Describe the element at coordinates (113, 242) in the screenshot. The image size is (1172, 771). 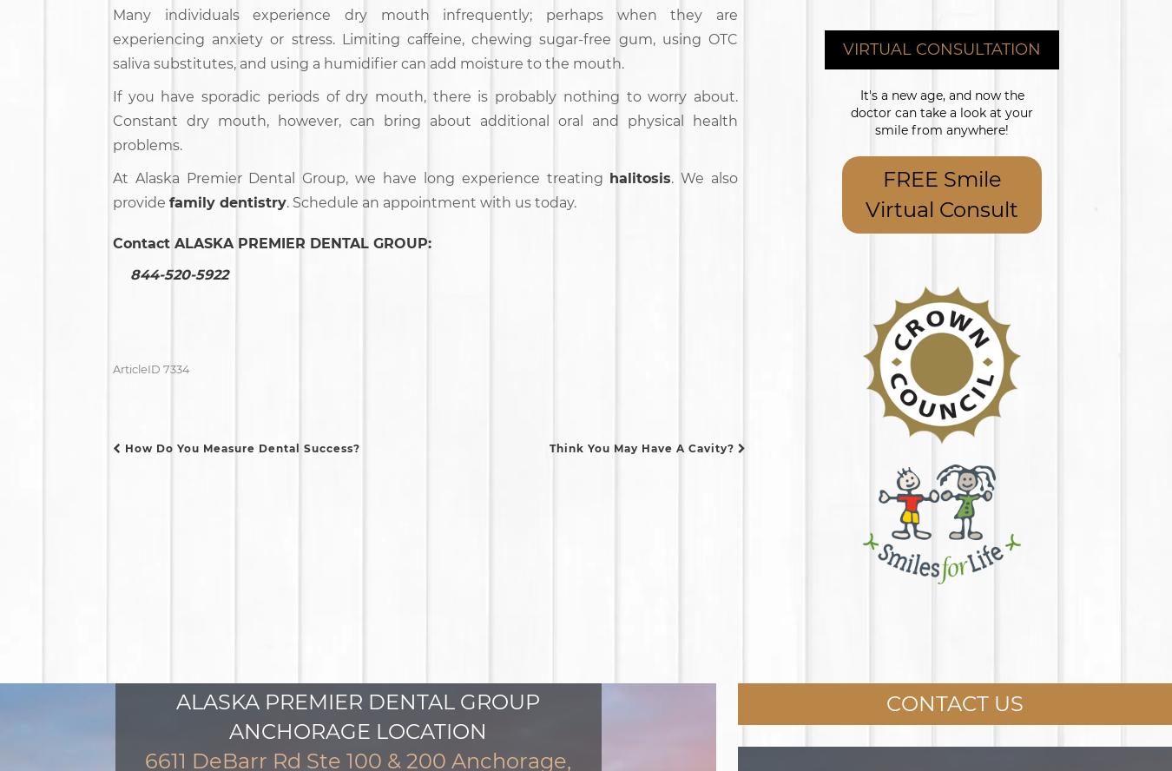
I see `'Contact'` at that location.